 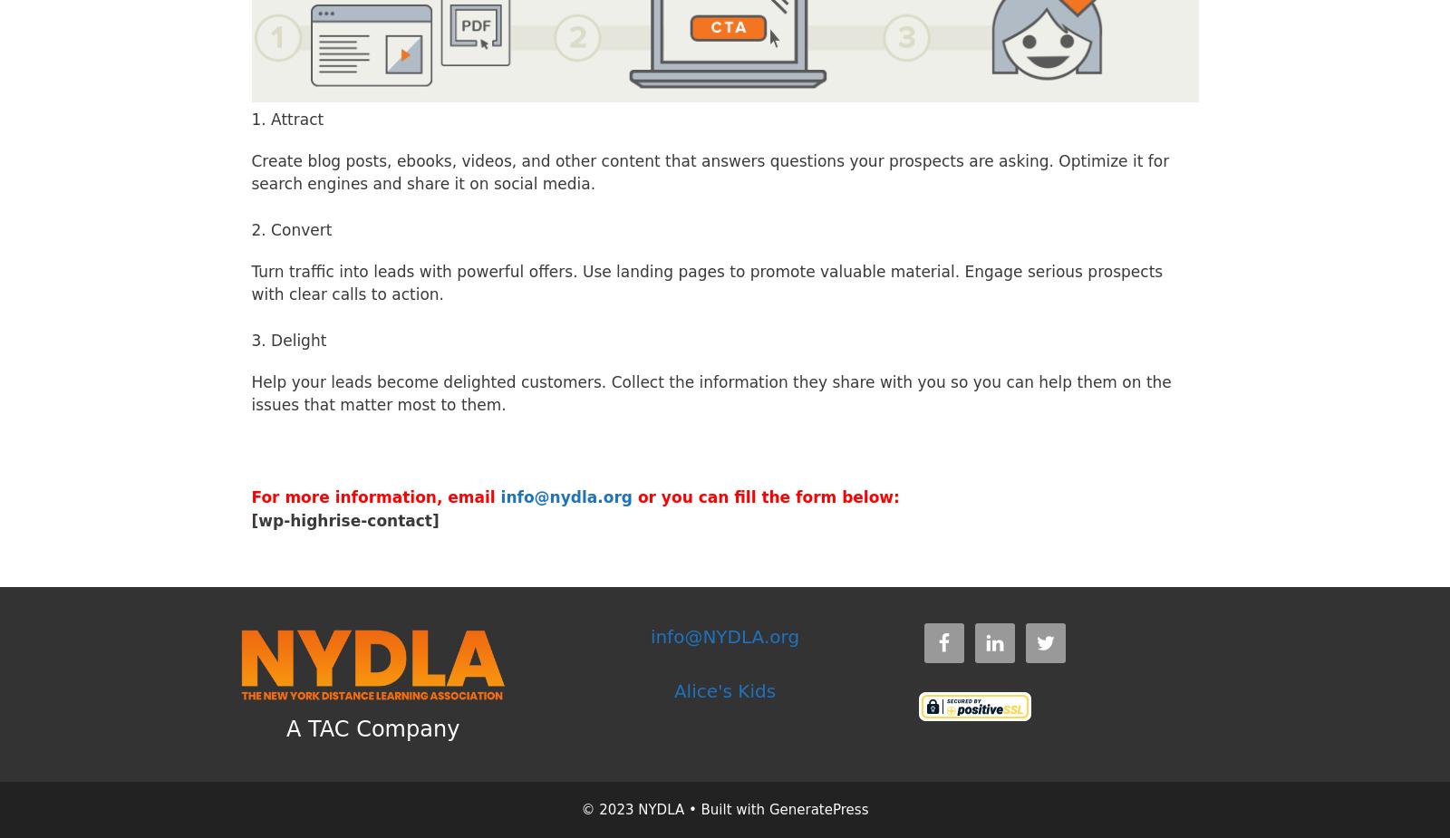 What do you see at coordinates (565, 496) in the screenshot?
I see `'info@nydla.org'` at bounding box center [565, 496].